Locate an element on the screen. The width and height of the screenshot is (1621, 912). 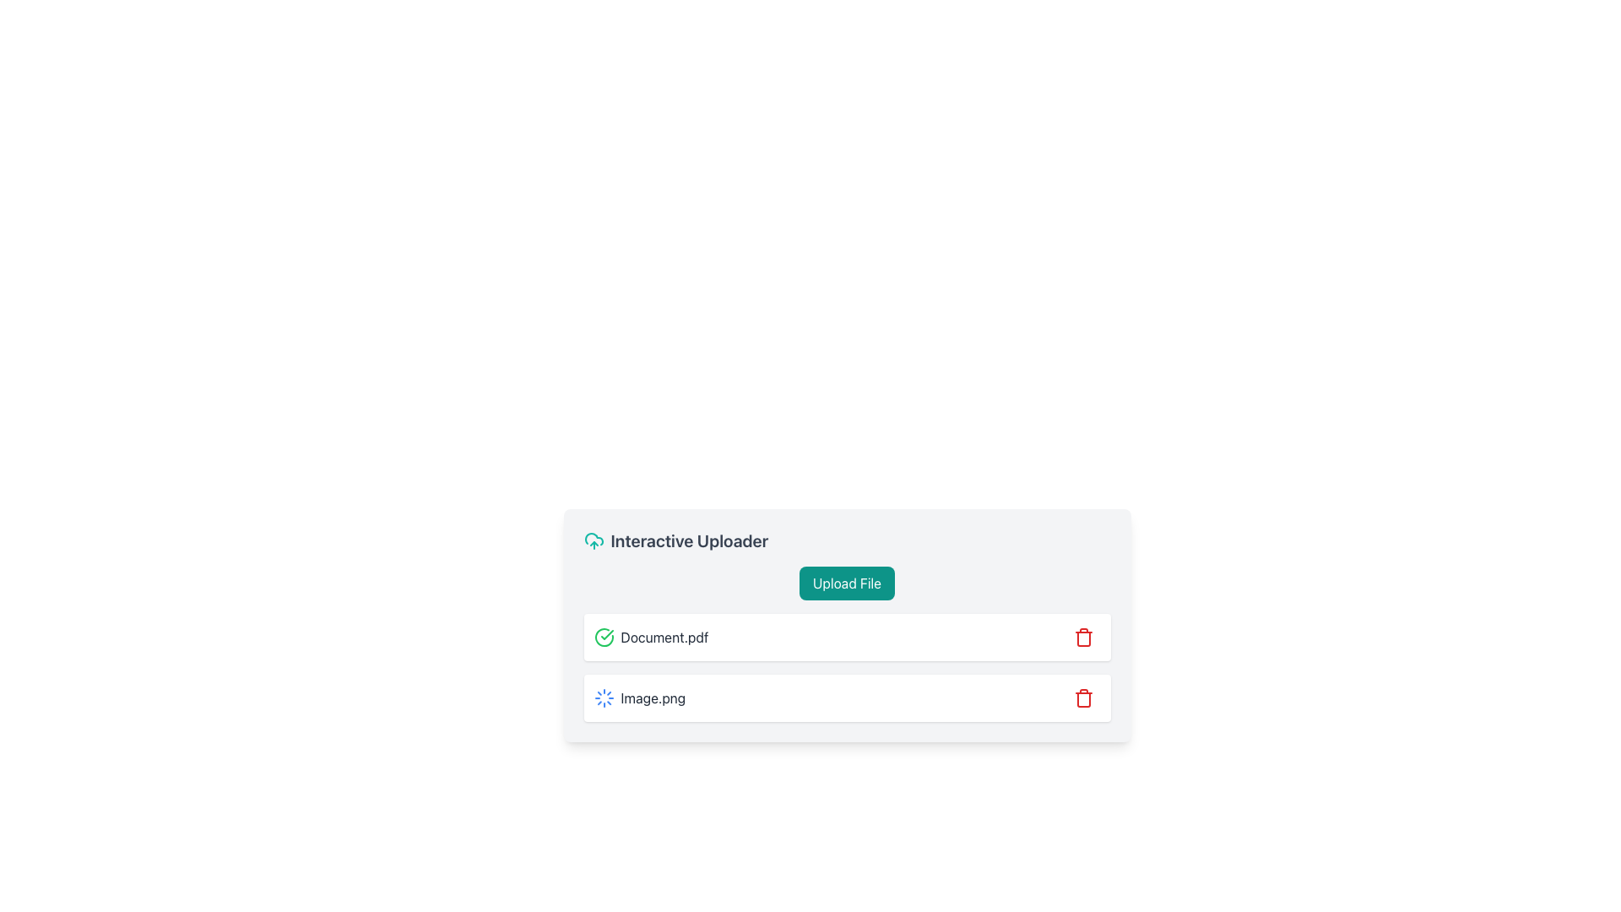
the circular green icon with a checkmark located to the left of the text label 'Document.pdf' in the uploaded files list is located at coordinates (604, 638).